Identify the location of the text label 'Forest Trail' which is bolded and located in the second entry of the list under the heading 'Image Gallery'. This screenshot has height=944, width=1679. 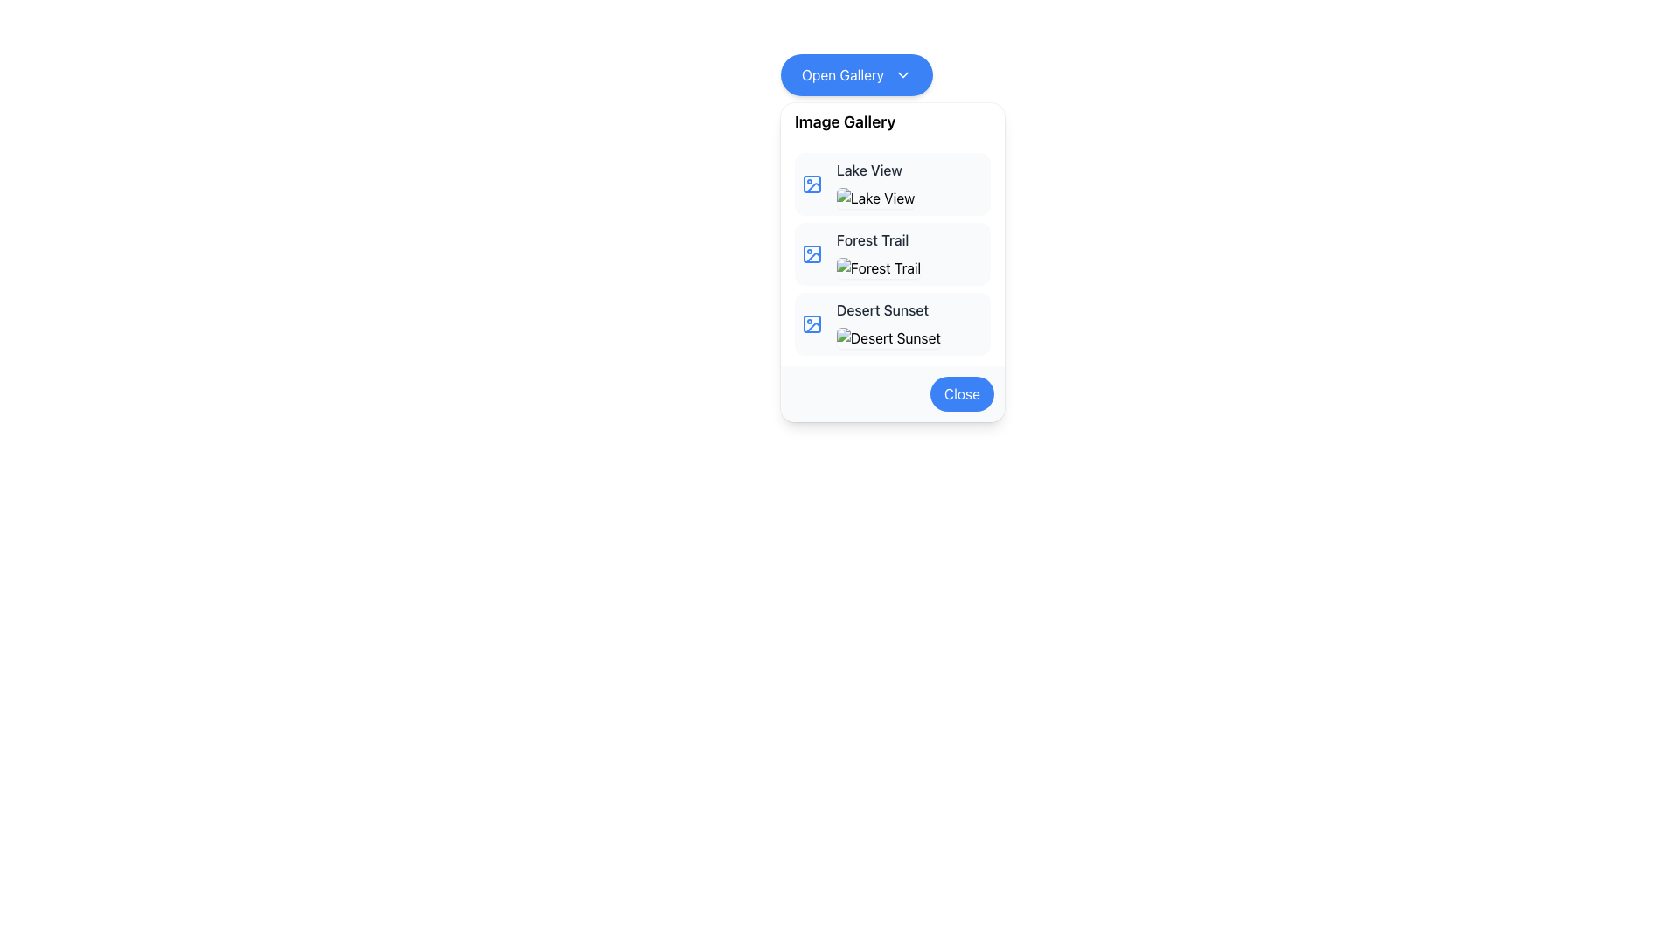
(879, 239).